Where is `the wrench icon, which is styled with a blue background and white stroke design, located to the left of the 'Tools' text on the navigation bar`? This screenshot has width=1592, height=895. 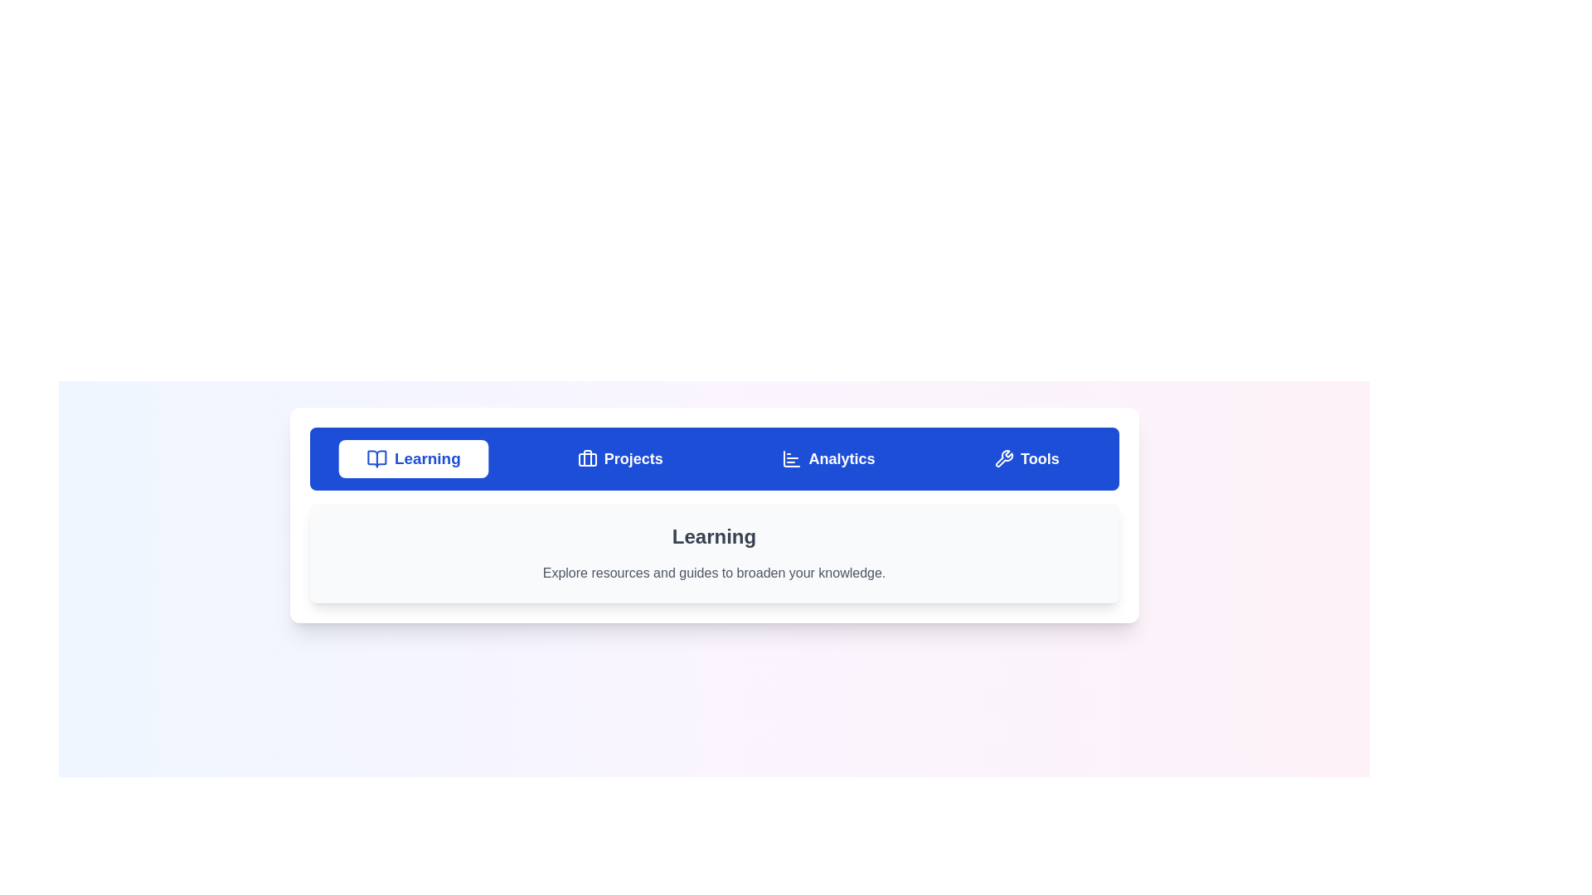
the wrench icon, which is styled with a blue background and white stroke design, located to the left of the 'Tools' text on the navigation bar is located at coordinates (1002, 459).